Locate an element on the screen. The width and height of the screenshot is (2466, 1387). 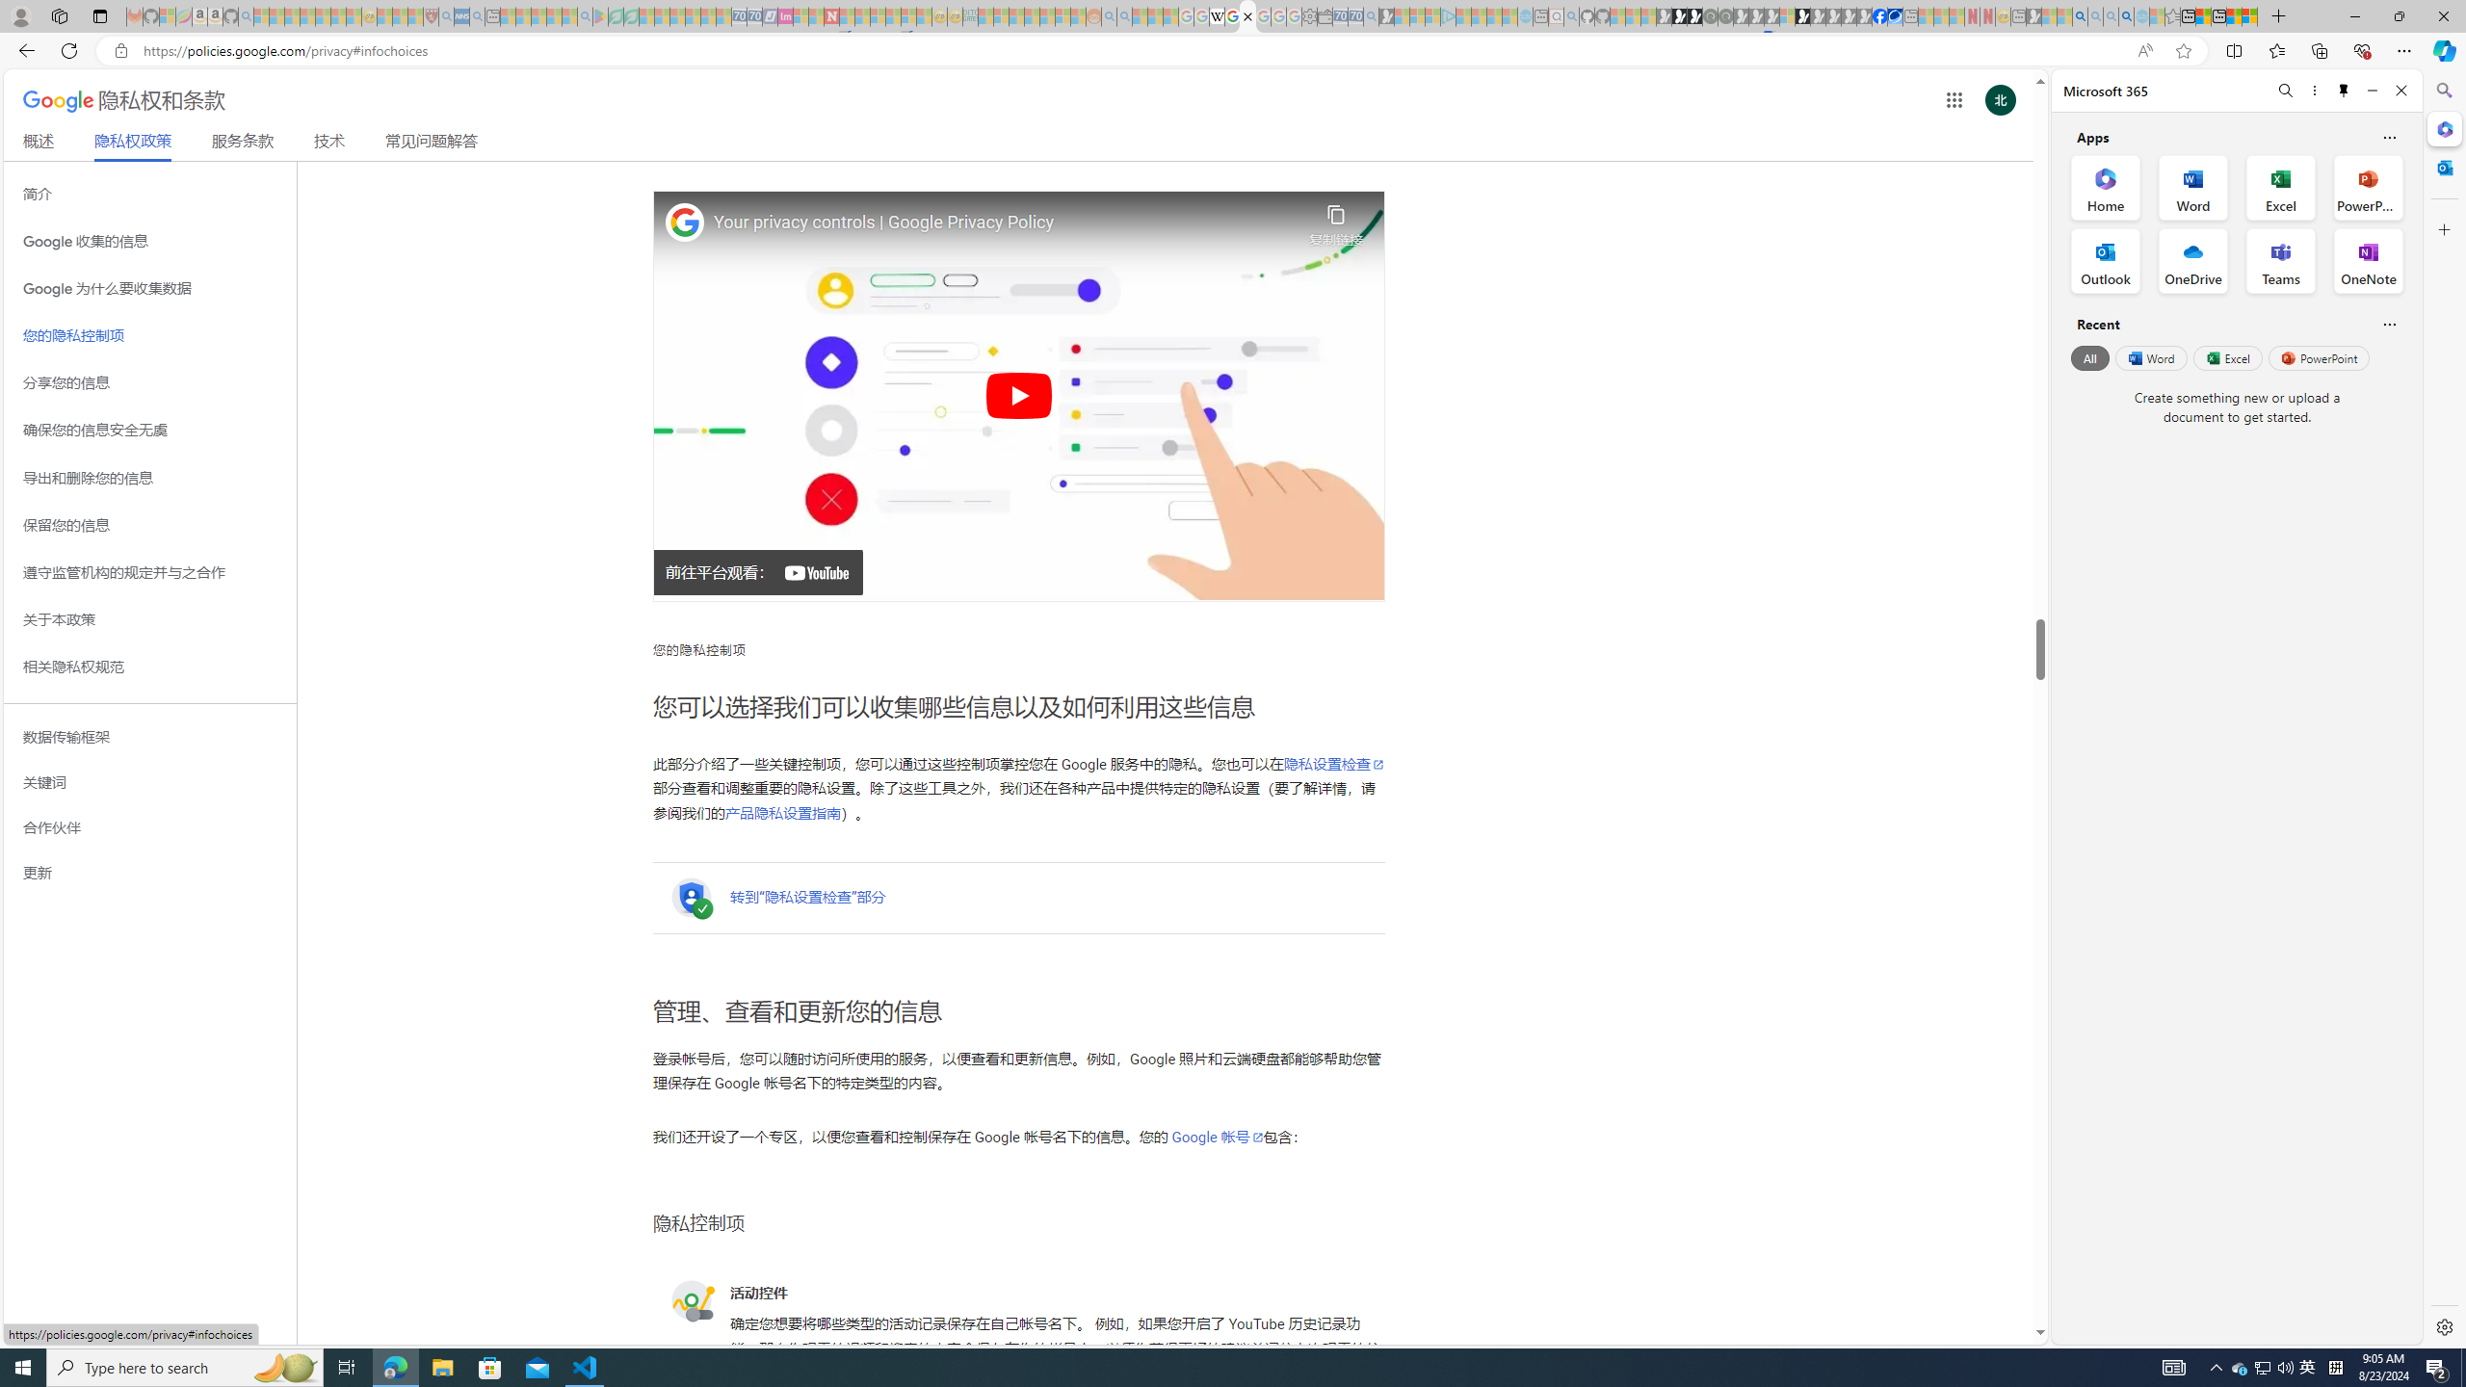
'Excel' is located at coordinates (2226, 357).